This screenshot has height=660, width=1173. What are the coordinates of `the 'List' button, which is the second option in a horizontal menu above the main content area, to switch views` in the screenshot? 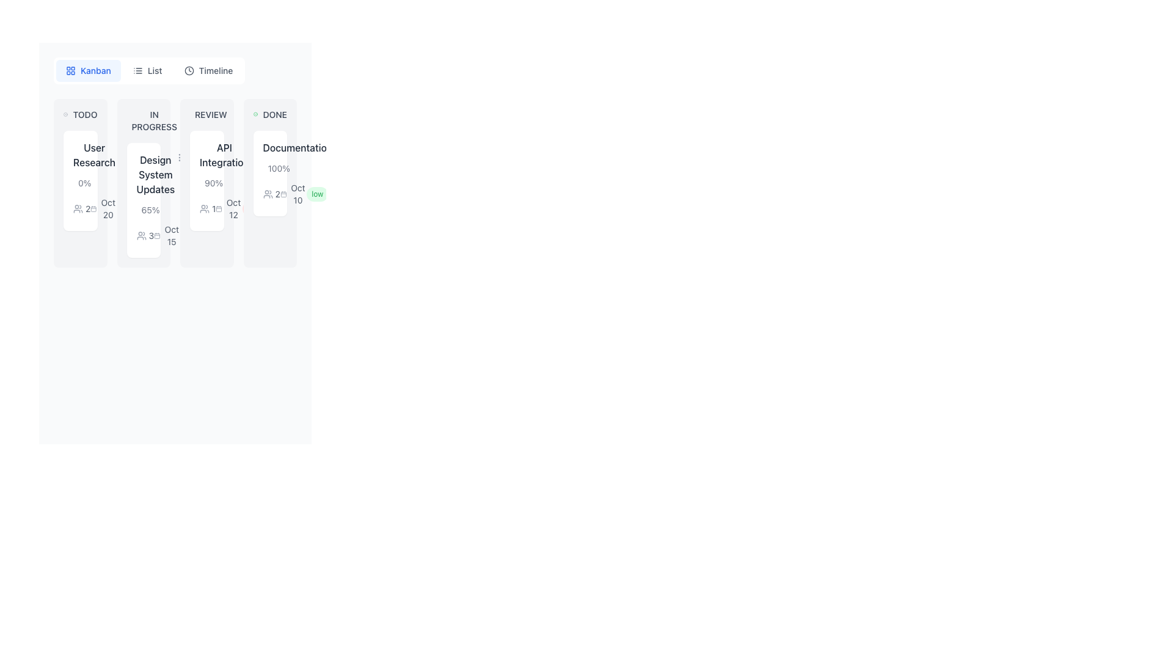 It's located at (147, 70).